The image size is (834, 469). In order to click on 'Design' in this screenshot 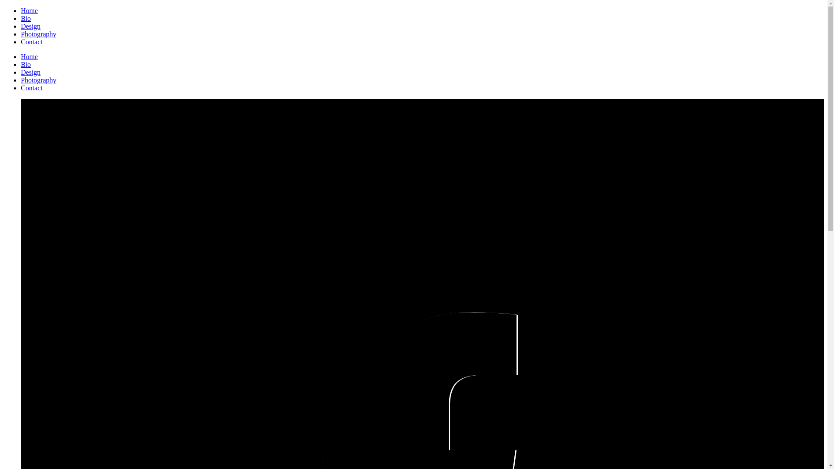, I will do `click(21, 72)`.